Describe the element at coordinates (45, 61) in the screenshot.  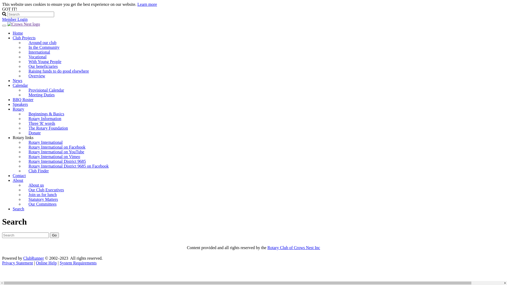
I see `'With Young People'` at that location.